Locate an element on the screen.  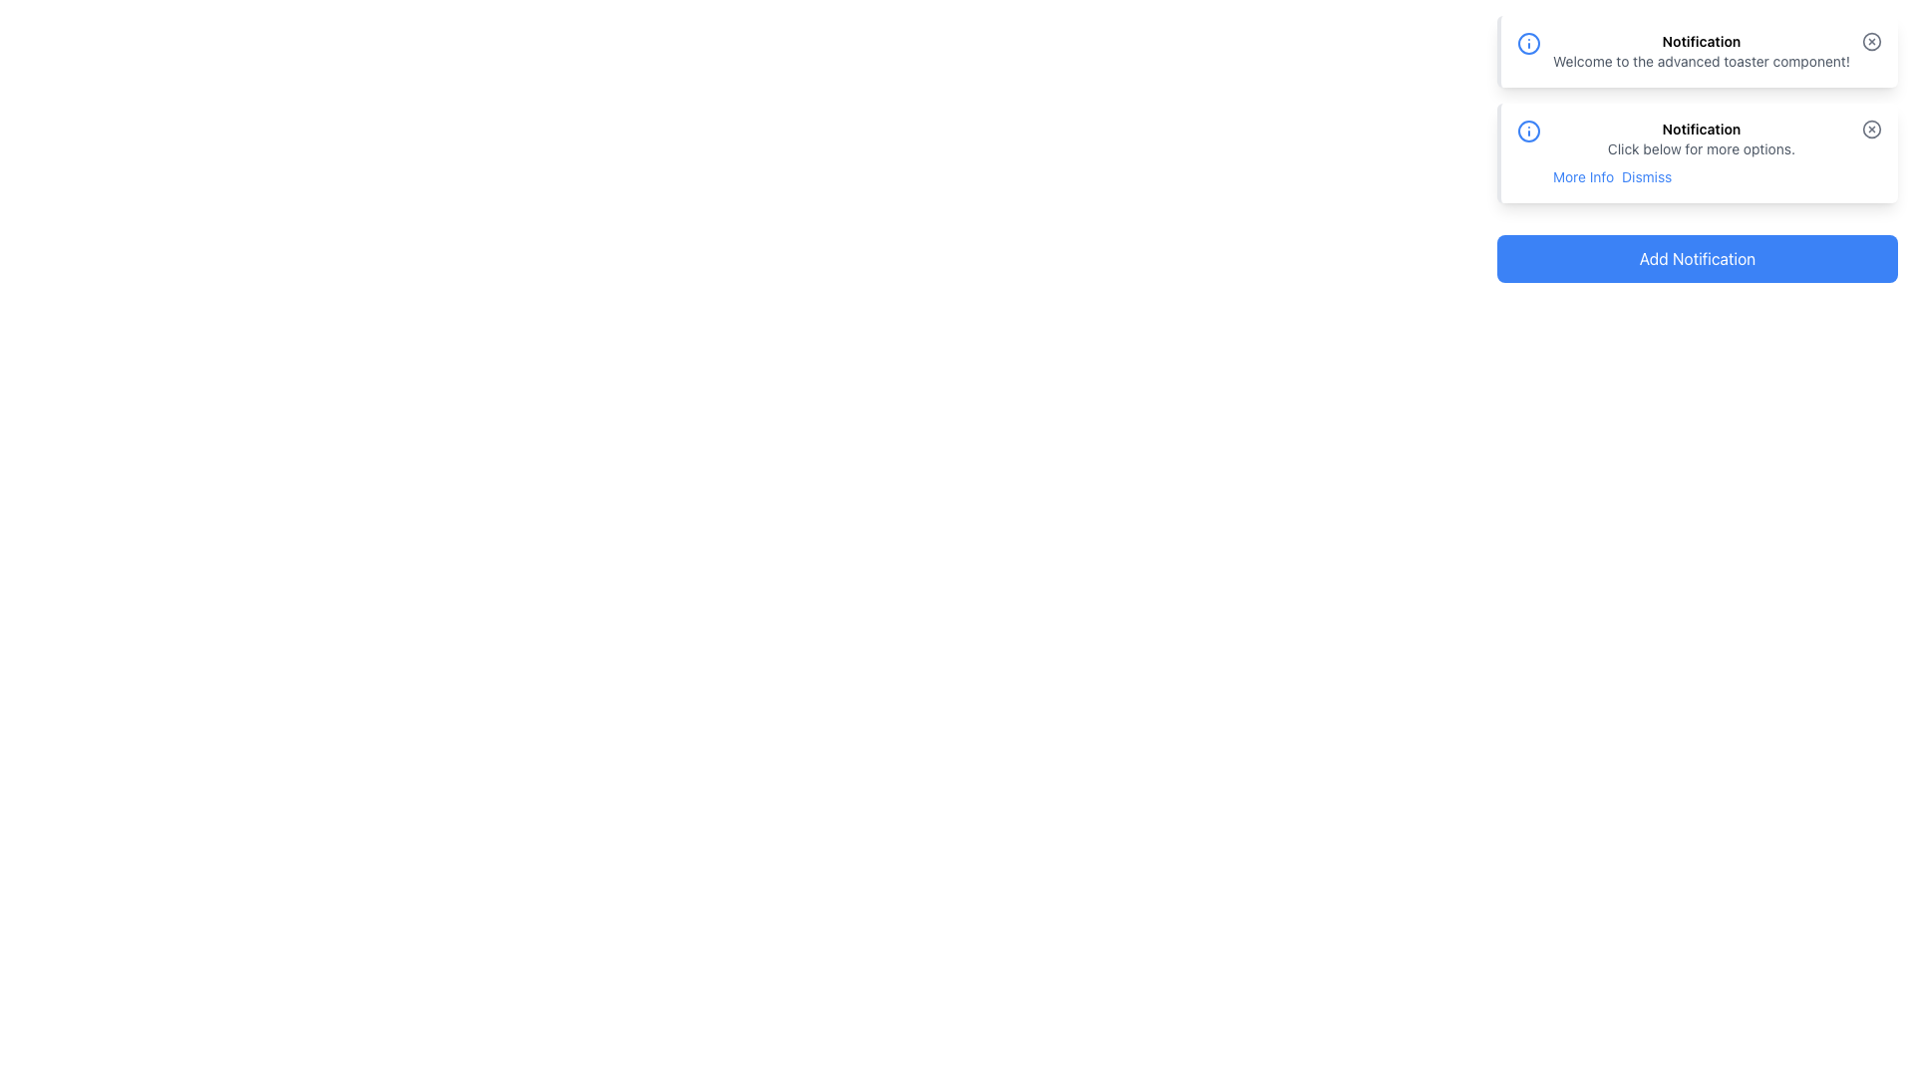
the static text that provides additional information about the notification, positioned below the 'Notification' title and above the 'More Info' and 'Dismiss' buttons is located at coordinates (1701, 148).